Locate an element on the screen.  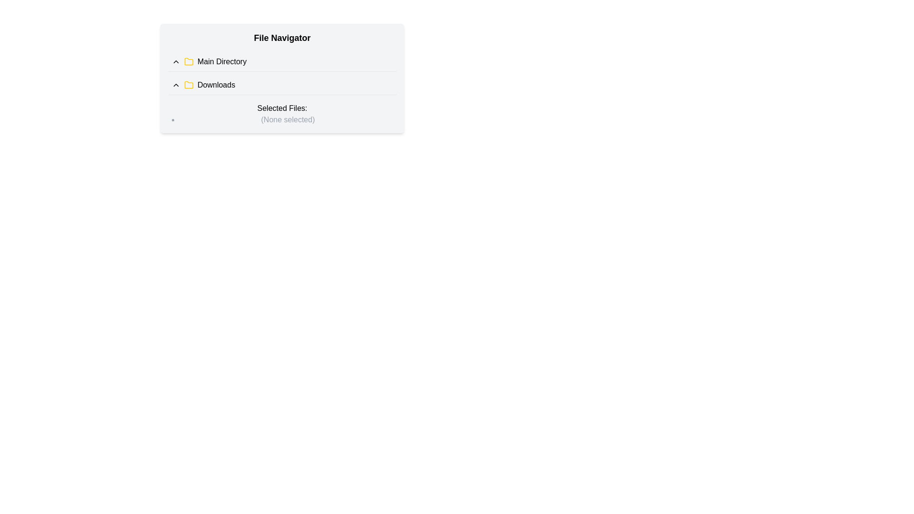
the bold header labeled 'File Navigator' which is positioned at the top of the interface section with a light gray background is located at coordinates (282, 38).